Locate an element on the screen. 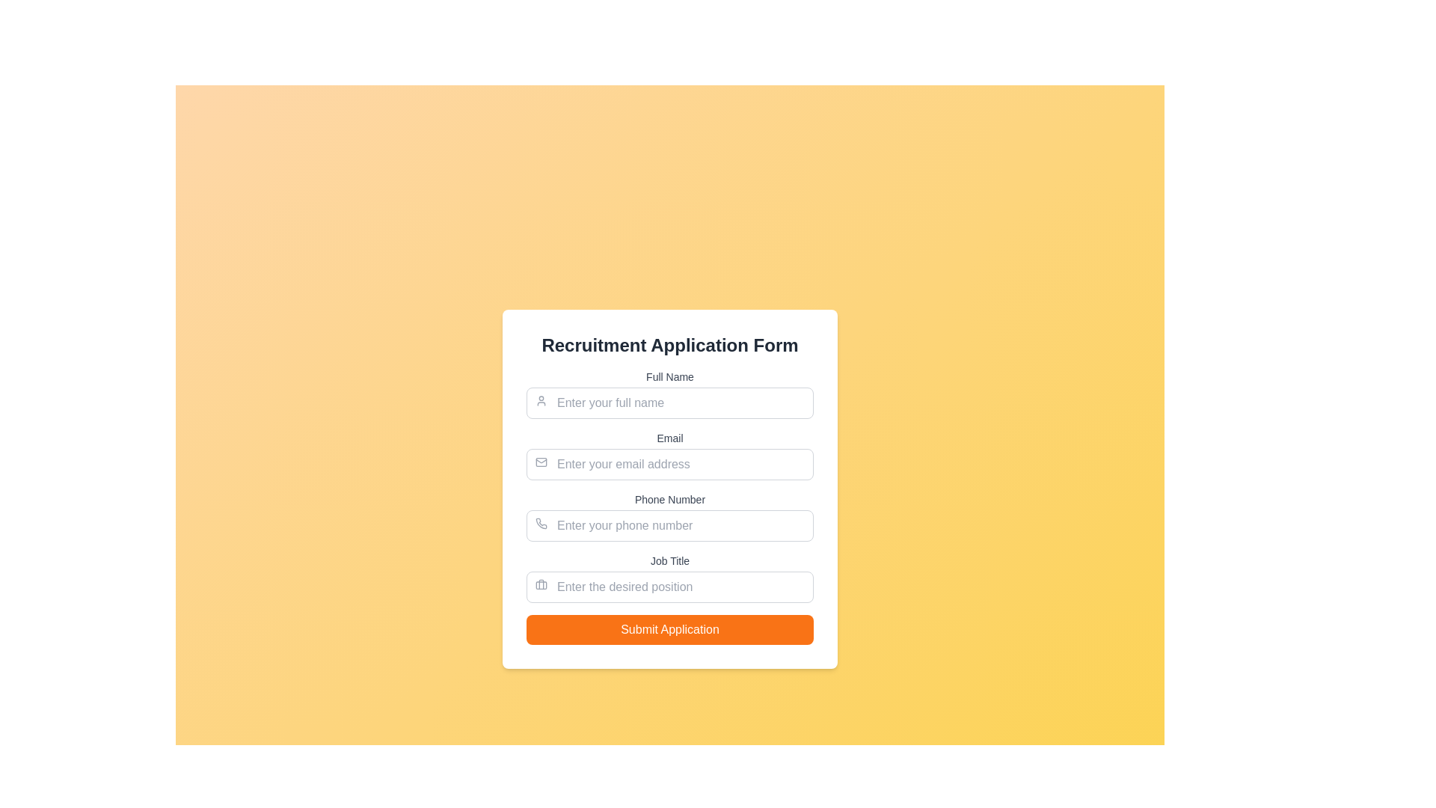 The height and width of the screenshot is (808, 1436). the label indicating 'Email Address' to focus the associated input field below it in the form layout is located at coordinates (669, 455).